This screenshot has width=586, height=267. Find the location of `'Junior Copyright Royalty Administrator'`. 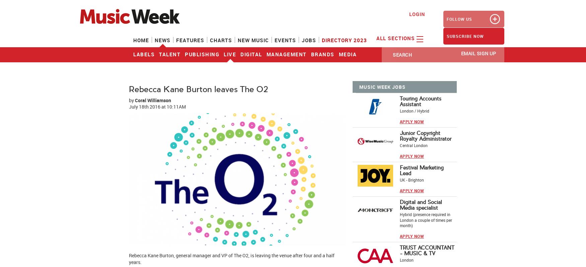

'Junior Copyright Royalty Administrator' is located at coordinates (425, 136).